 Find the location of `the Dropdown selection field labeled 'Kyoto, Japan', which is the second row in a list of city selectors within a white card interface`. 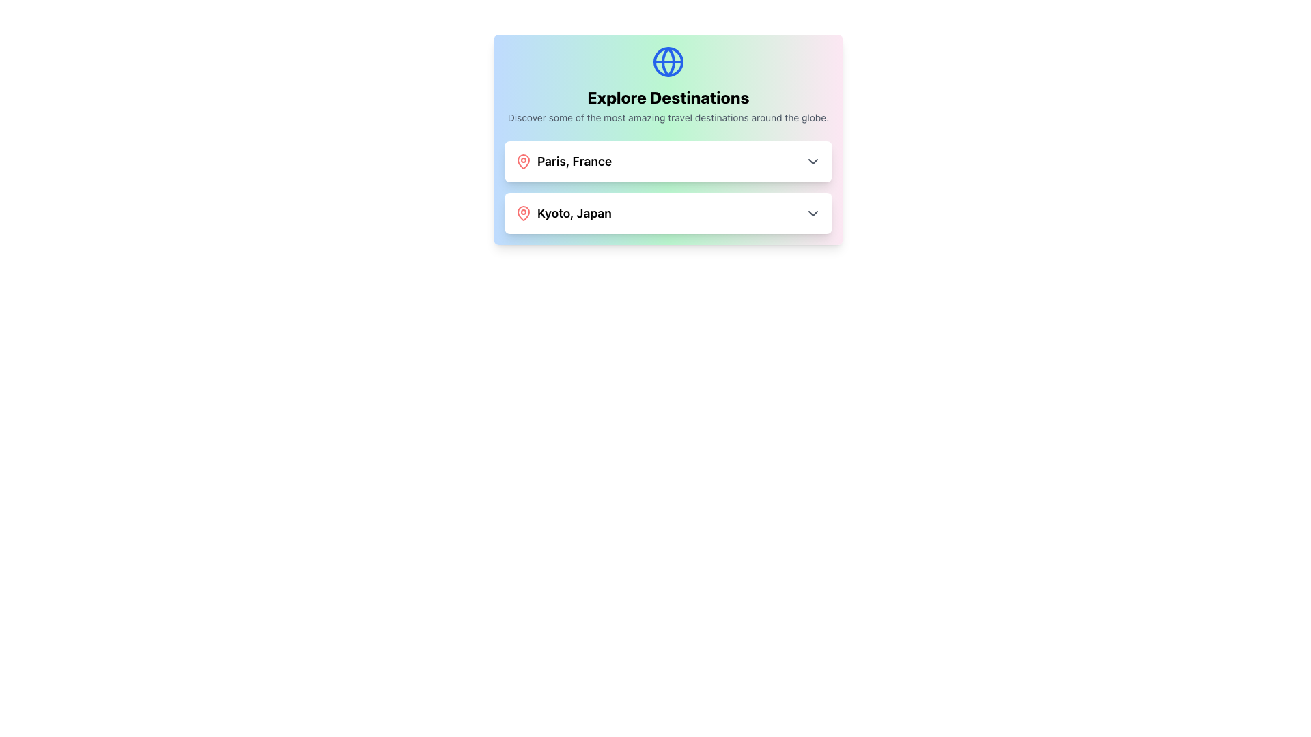

the Dropdown selection field labeled 'Kyoto, Japan', which is the second row in a list of city selectors within a white card interface is located at coordinates (668, 213).